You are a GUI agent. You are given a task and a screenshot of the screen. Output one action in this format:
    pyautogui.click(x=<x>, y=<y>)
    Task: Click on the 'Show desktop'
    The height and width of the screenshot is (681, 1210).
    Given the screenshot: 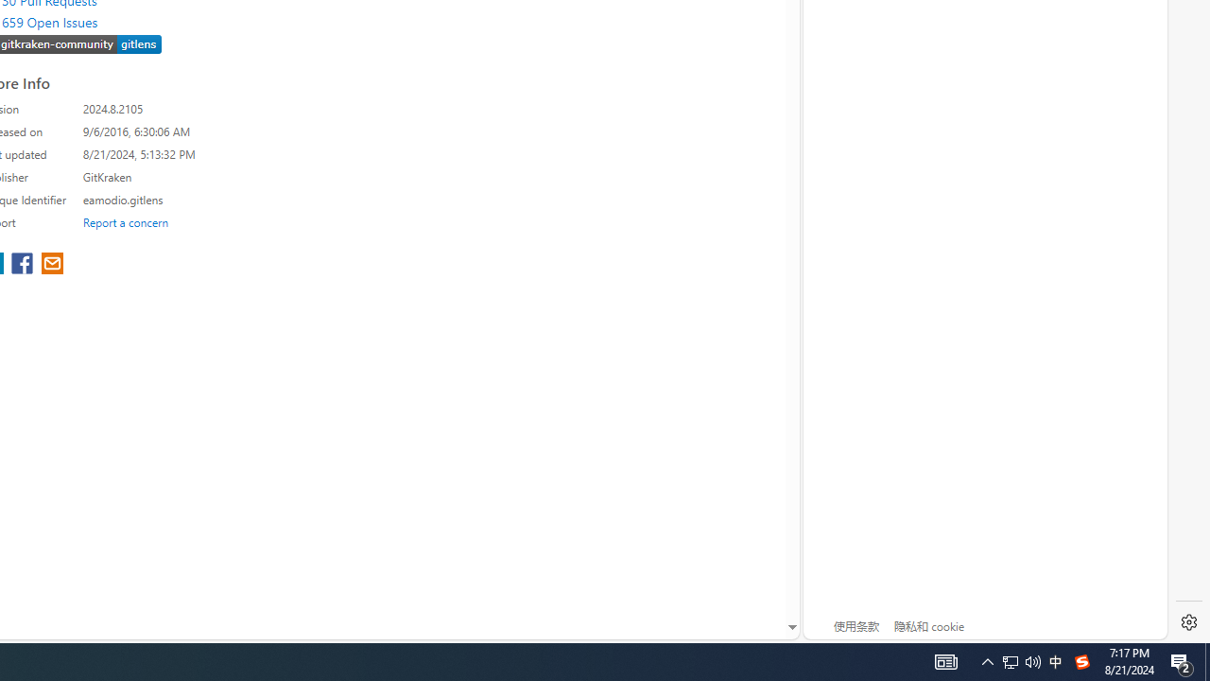 What is the action you would take?
    pyautogui.click(x=1206, y=660)
    